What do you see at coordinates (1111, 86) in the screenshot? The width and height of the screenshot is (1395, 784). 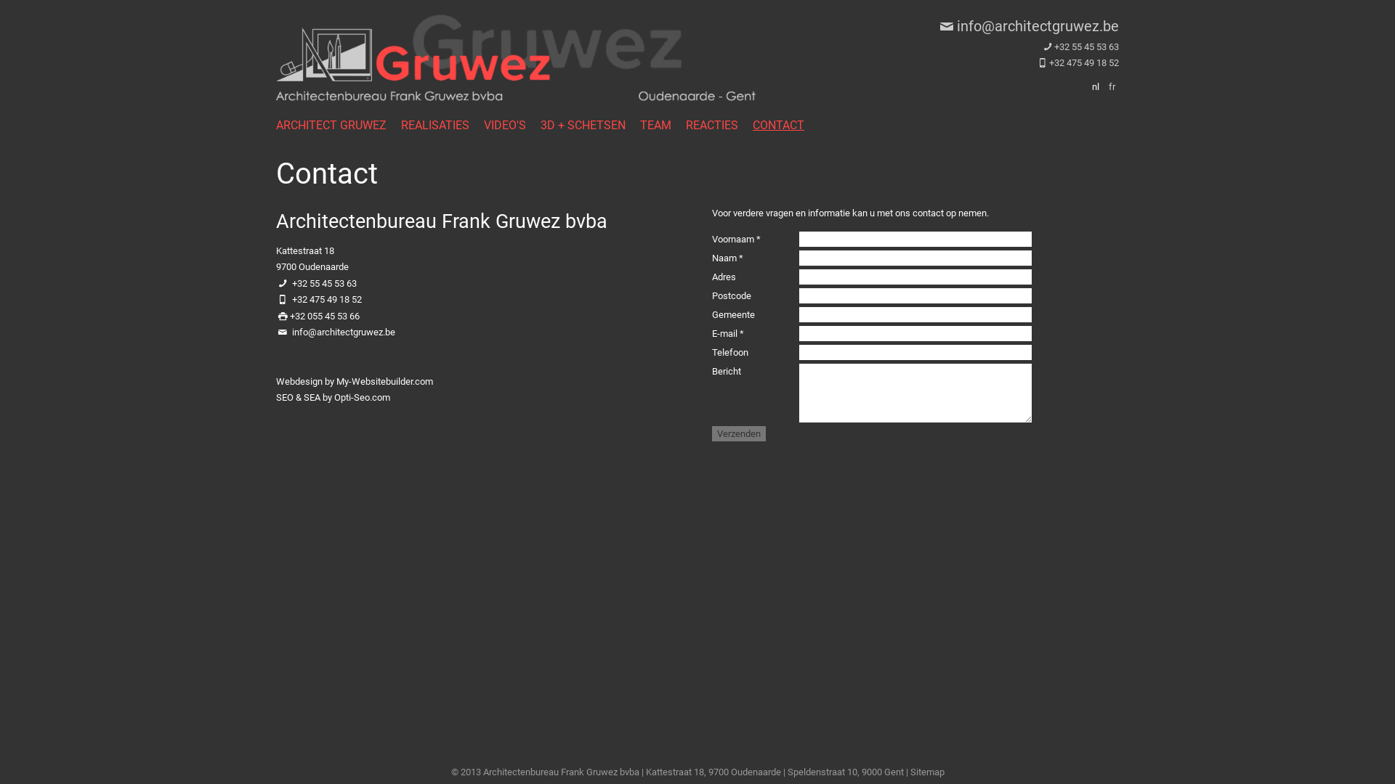 I see `'fr'` at bounding box center [1111, 86].